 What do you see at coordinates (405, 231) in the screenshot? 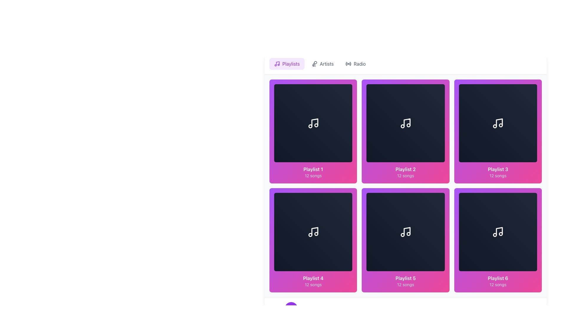
I see `the 'Playlist 5' icon located in the top portion of the card, which is centrally aligned above the text labels 'Playlist 5' and '12 songs'` at bounding box center [405, 231].